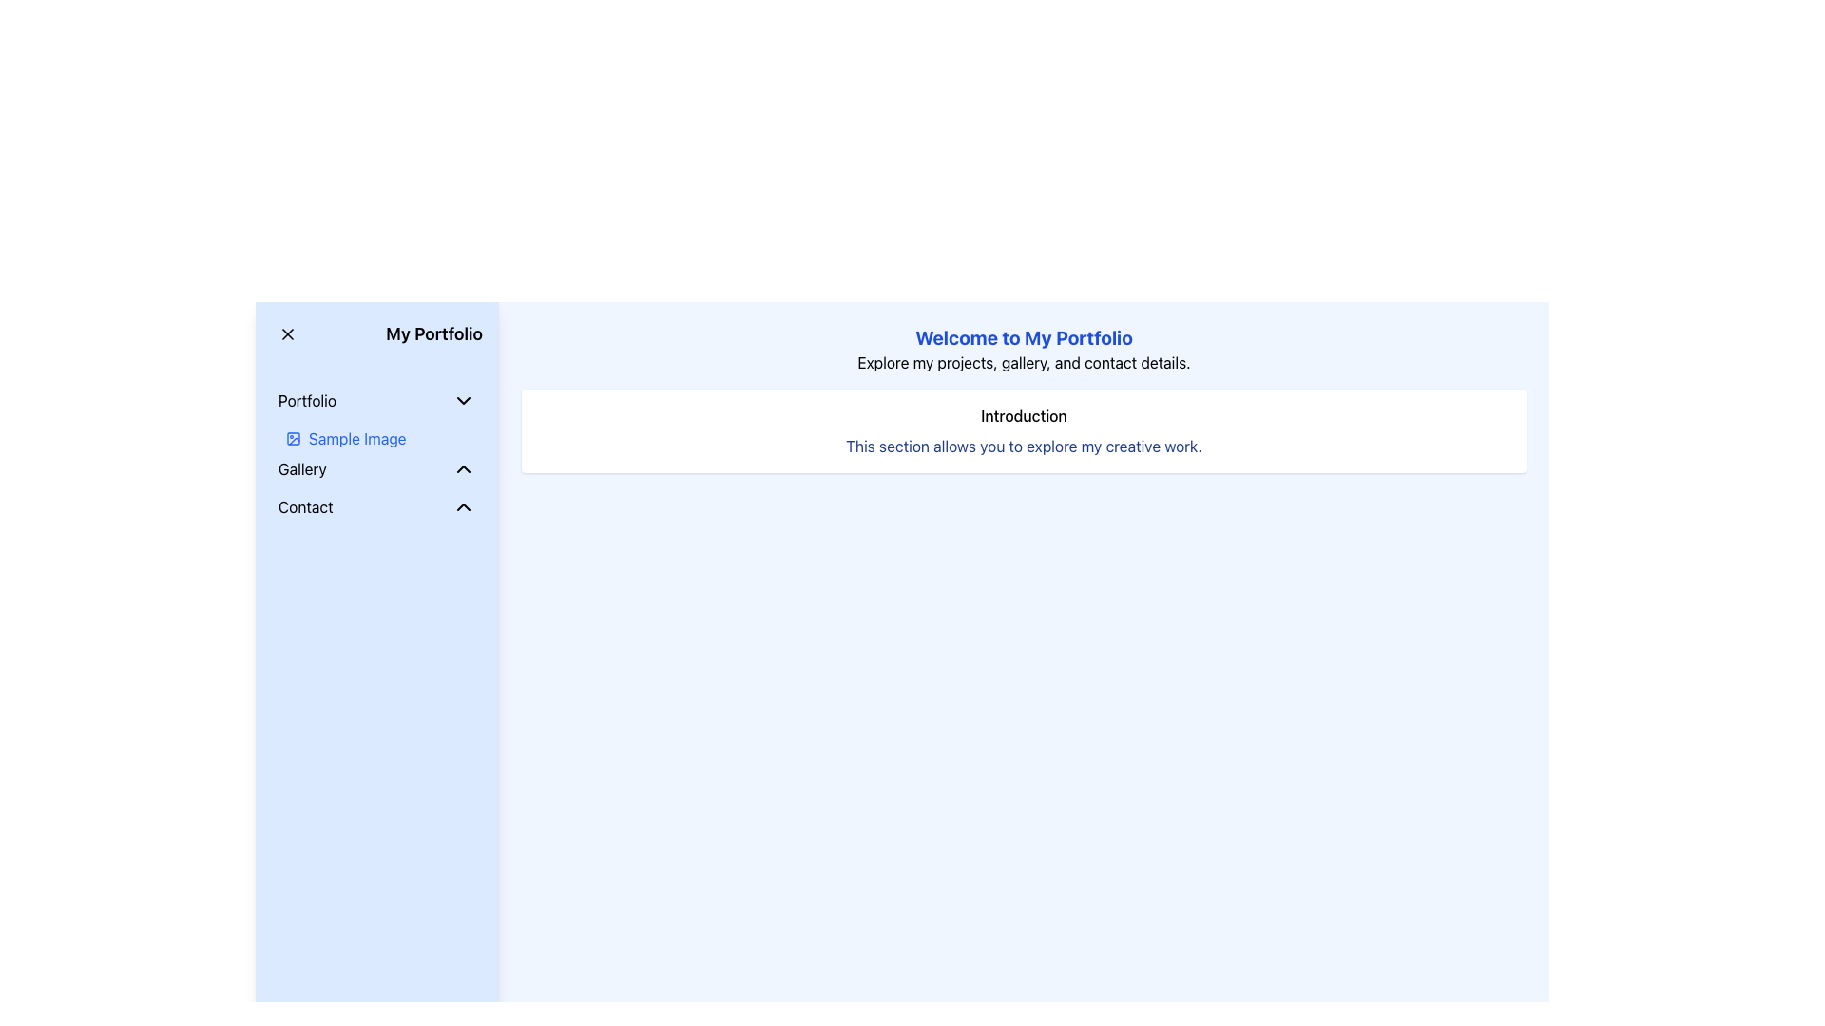 The width and height of the screenshot is (1825, 1026). Describe the element at coordinates (376, 332) in the screenshot. I see `the text label displaying 'My Portfolio' which is styled in bold with a black color, located at the top of the sidebar menu next to an icon` at that location.